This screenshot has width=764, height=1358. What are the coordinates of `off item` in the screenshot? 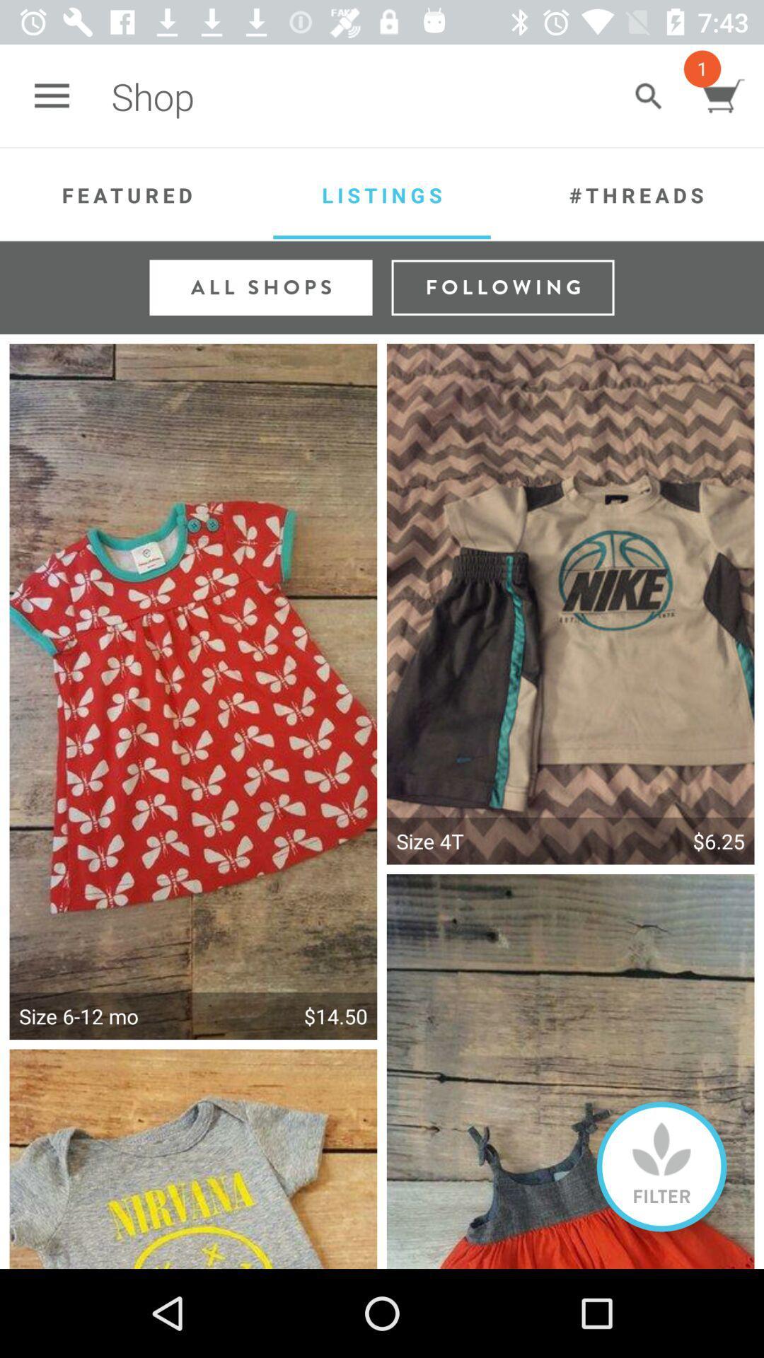 It's located at (661, 1166).